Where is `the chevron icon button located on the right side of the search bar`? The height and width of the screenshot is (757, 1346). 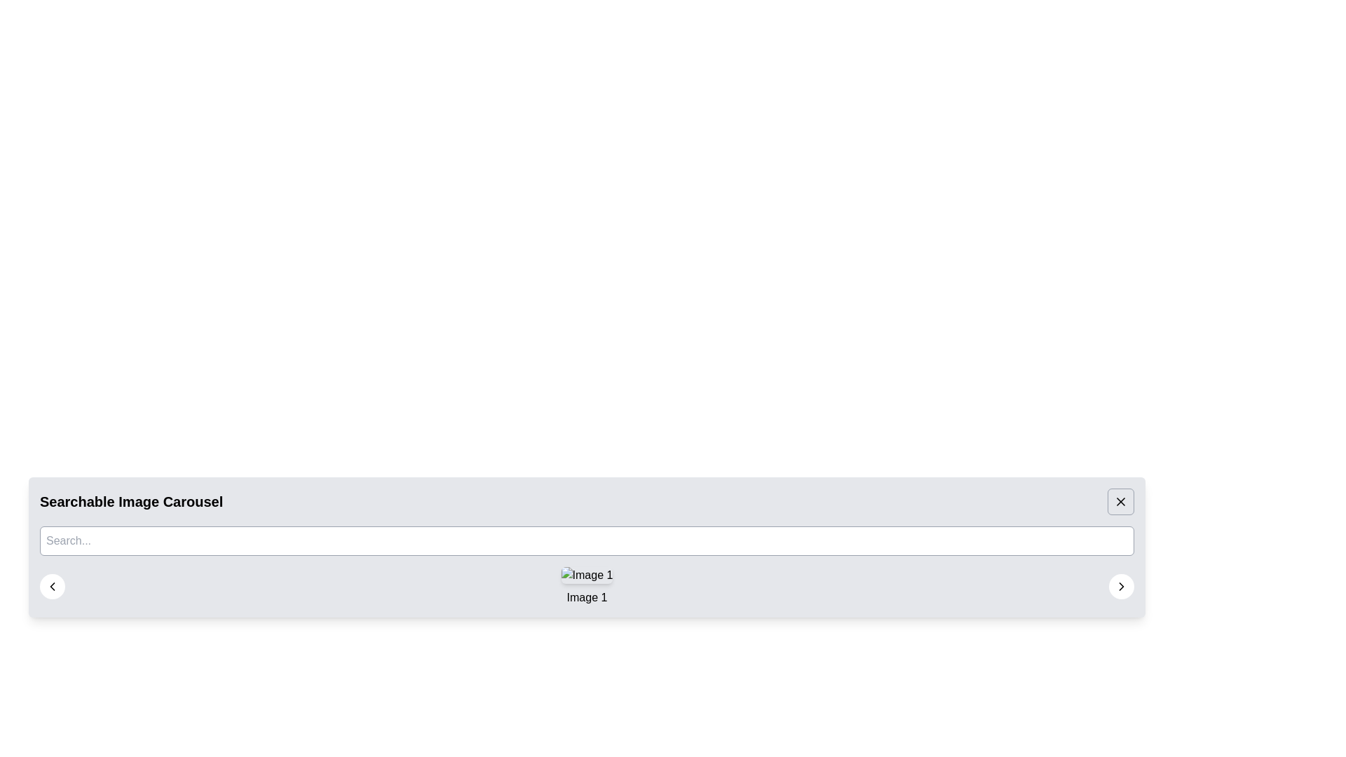 the chevron icon button located on the right side of the search bar is located at coordinates (1120, 587).